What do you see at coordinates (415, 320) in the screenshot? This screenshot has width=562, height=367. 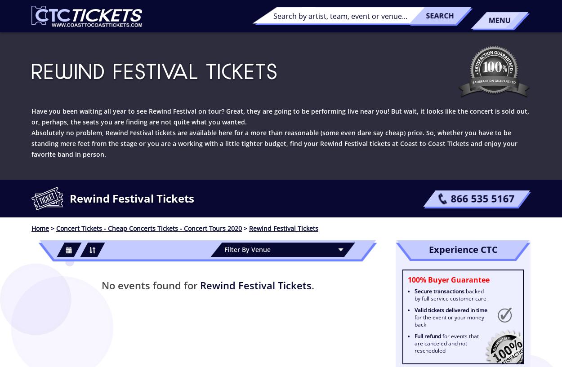 I see `'for the event or your money back'` at bounding box center [415, 320].